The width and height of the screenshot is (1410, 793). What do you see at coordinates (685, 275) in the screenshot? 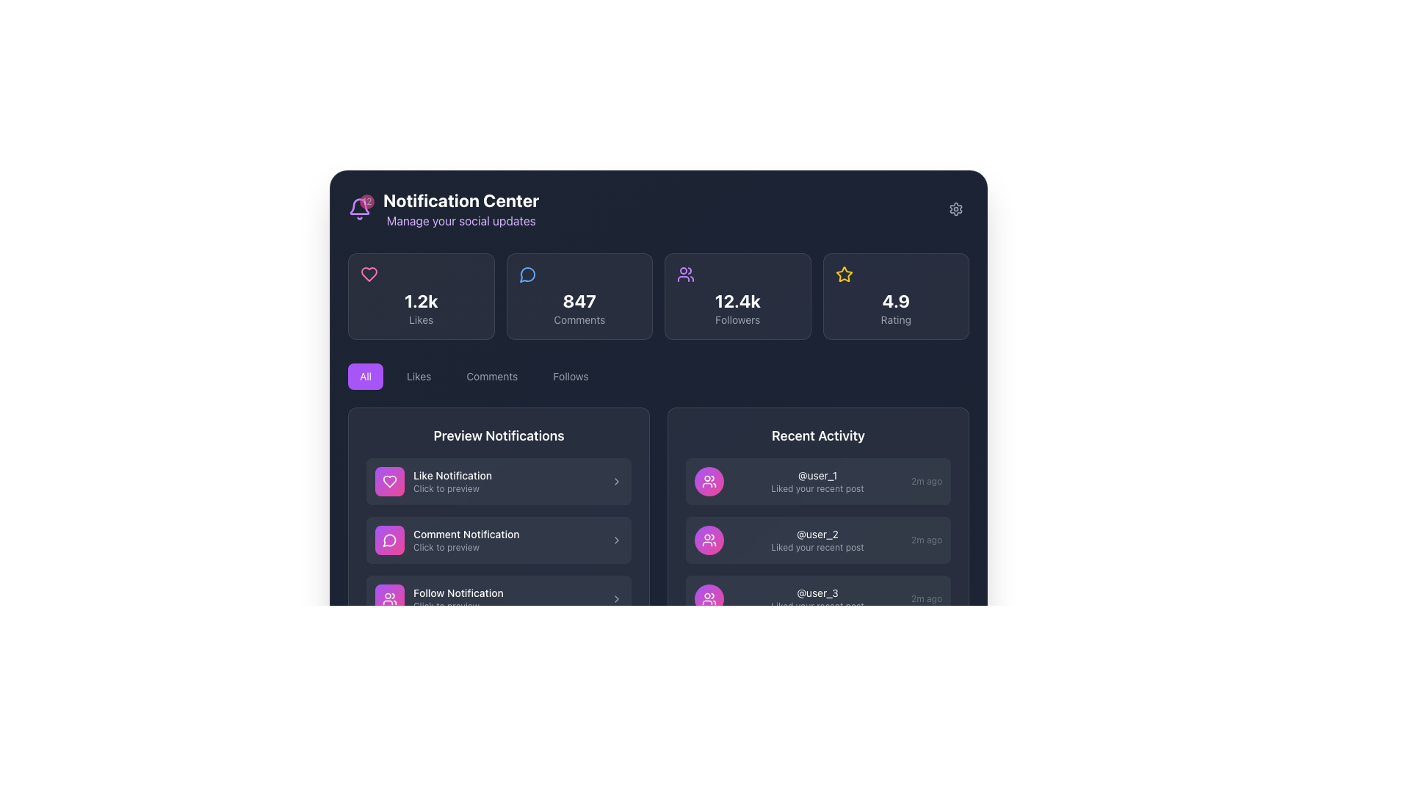
I see `the purple user group icon which represents '12.4k Followers', located as the third item from the left in the top row of the interface` at bounding box center [685, 275].